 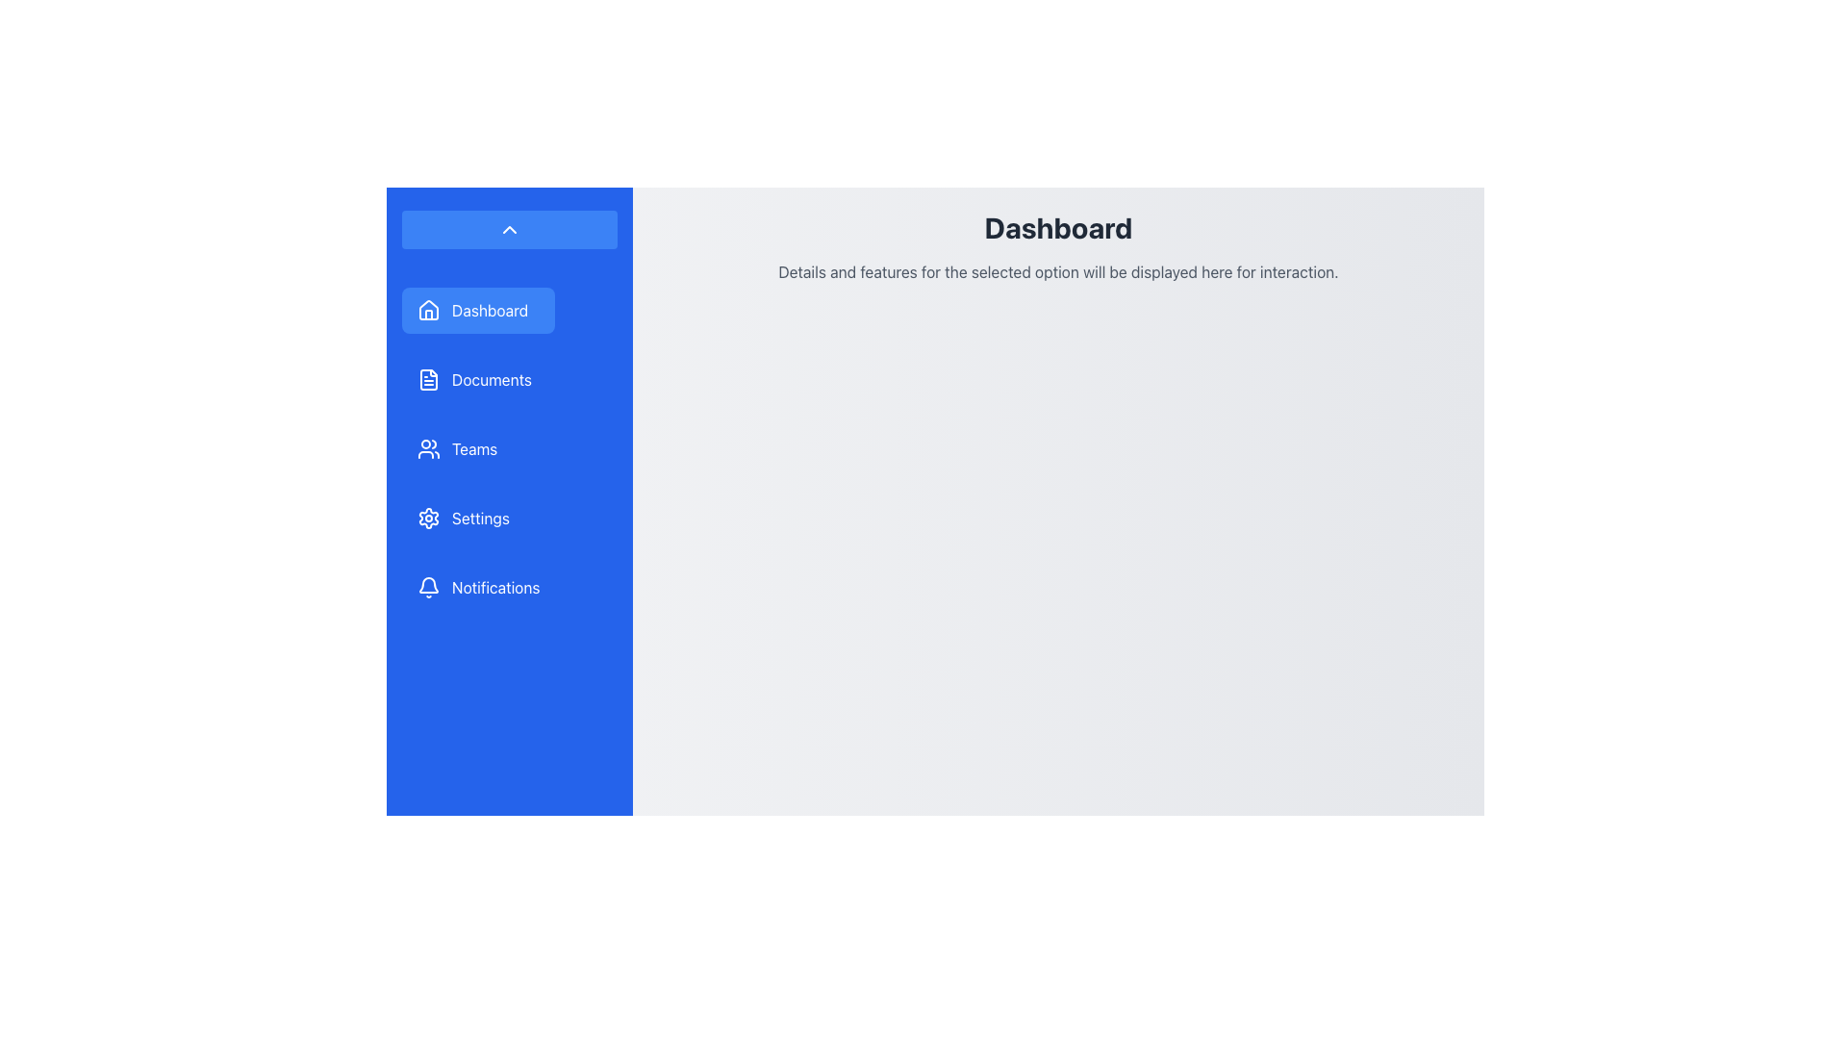 What do you see at coordinates (478, 379) in the screenshot?
I see `the 'Documents' button located in the sidebar menu, positioned between the 'Dashboard' and 'Teams' items, to trigger visual feedback` at bounding box center [478, 379].